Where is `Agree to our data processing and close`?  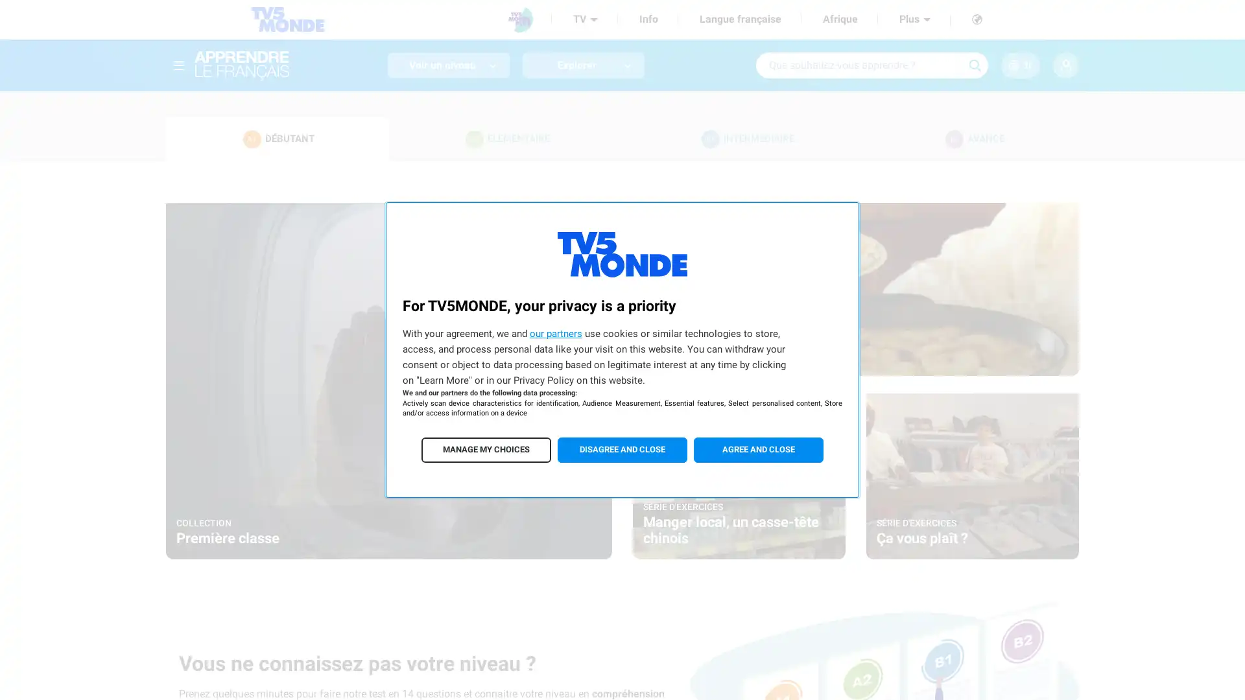
Agree to our data processing and close is located at coordinates (759, 449).